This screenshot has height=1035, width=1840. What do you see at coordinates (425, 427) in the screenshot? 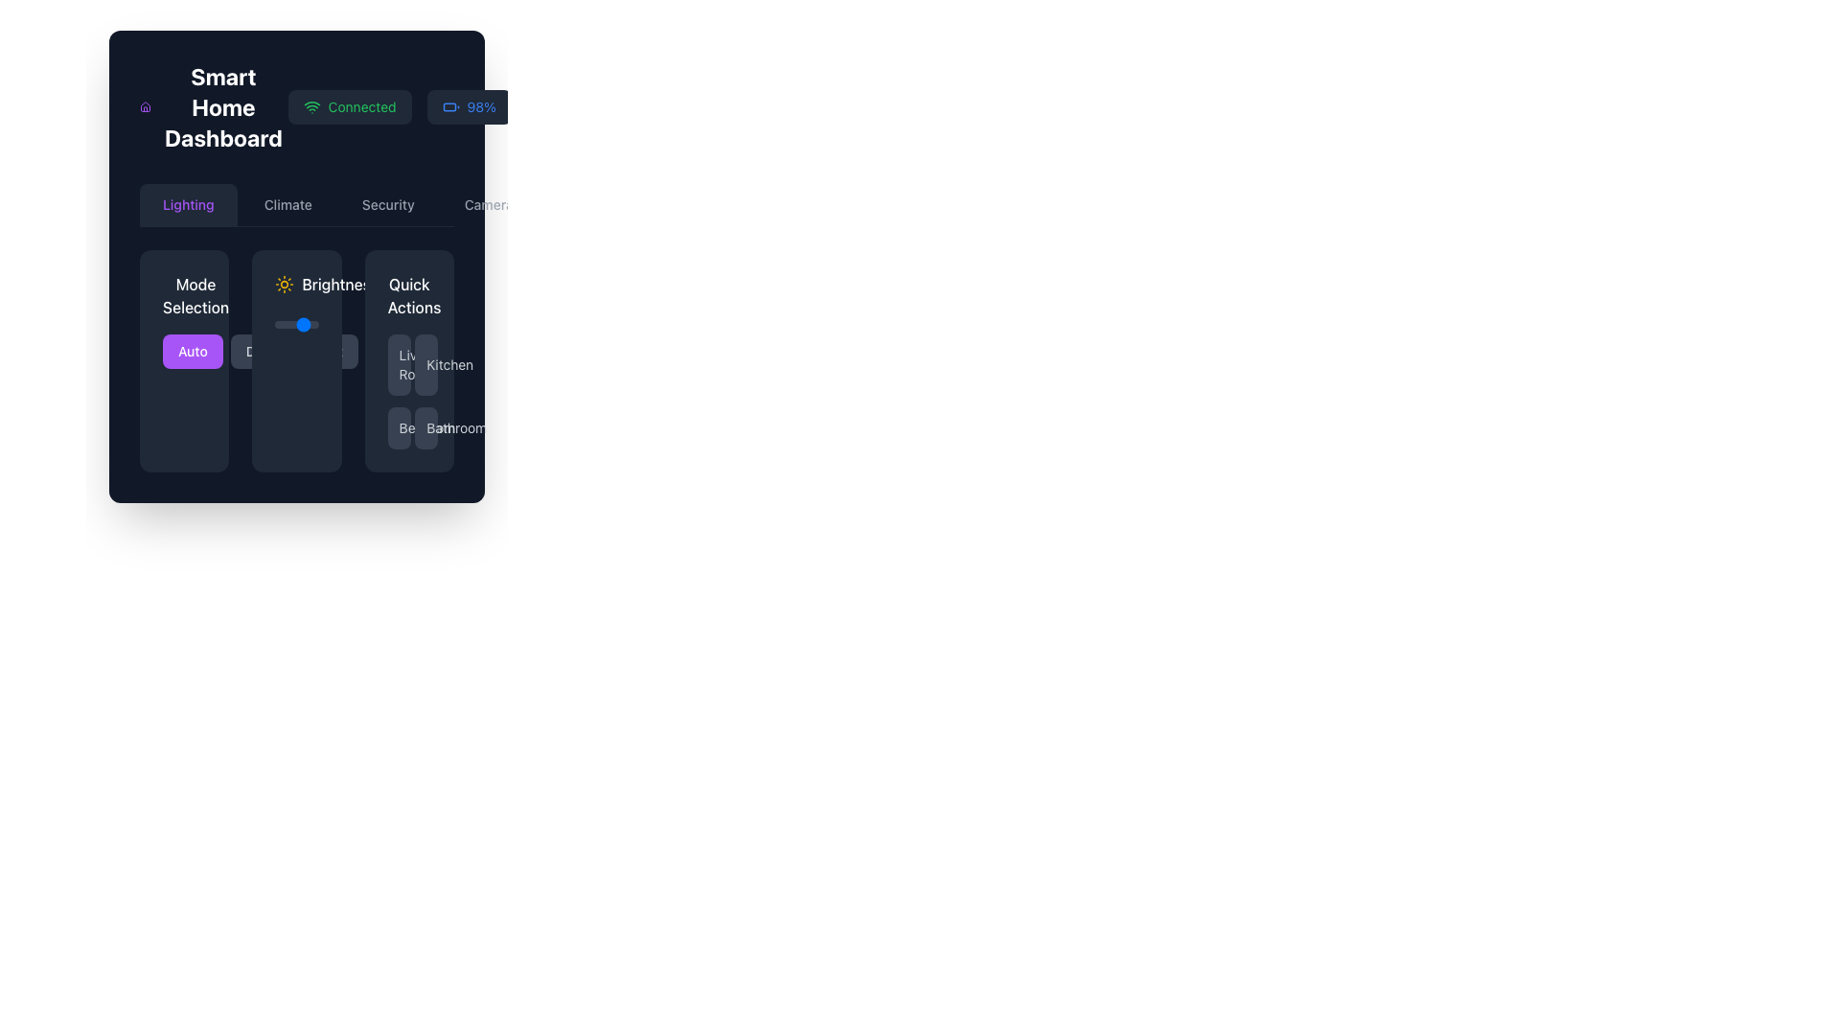
I see `the 'Bathroom' button, which is a rectangular button with rounded corners and light gray text, located in the bottom-right corner of the grid under 'Quick Actions'` at bounding box center [425, 427].